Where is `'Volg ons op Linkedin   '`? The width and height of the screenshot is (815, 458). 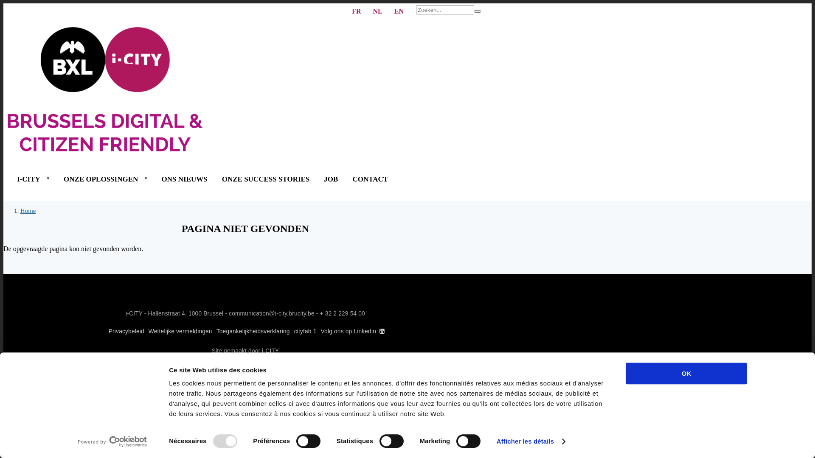
'Volg ons op Linkedin   ' is located at coordinates (354, 331).